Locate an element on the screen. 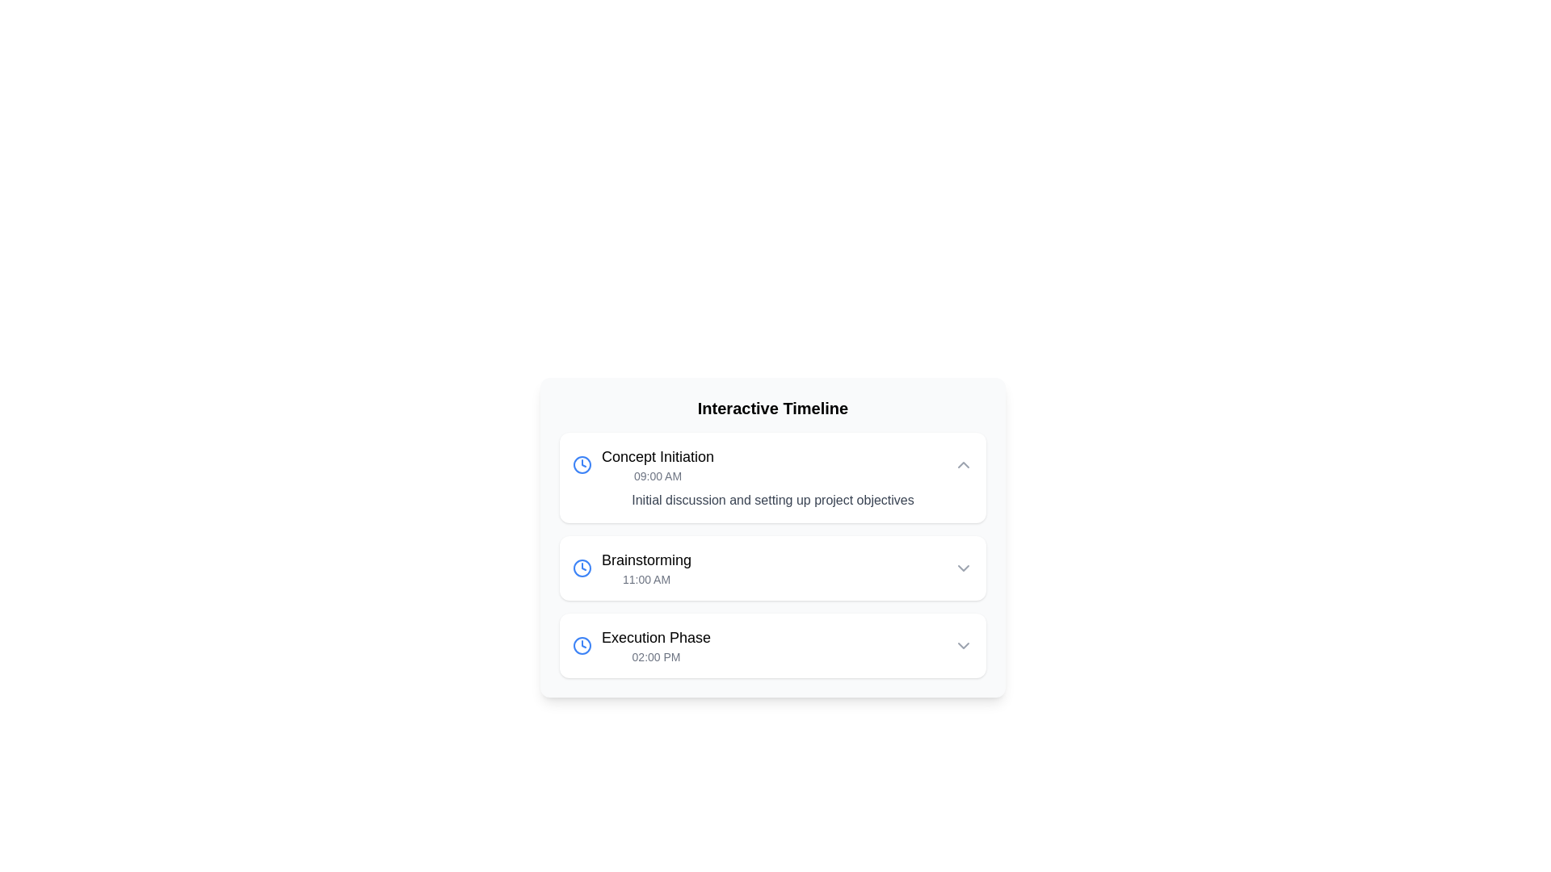 The height and width of the screenshot is (872, 1551). the text label 'Concept Initiation' which is styled with a larger and bold font and is the topmost title in a list format, located to the right of a clock icon is located at coordinates (658, 457).